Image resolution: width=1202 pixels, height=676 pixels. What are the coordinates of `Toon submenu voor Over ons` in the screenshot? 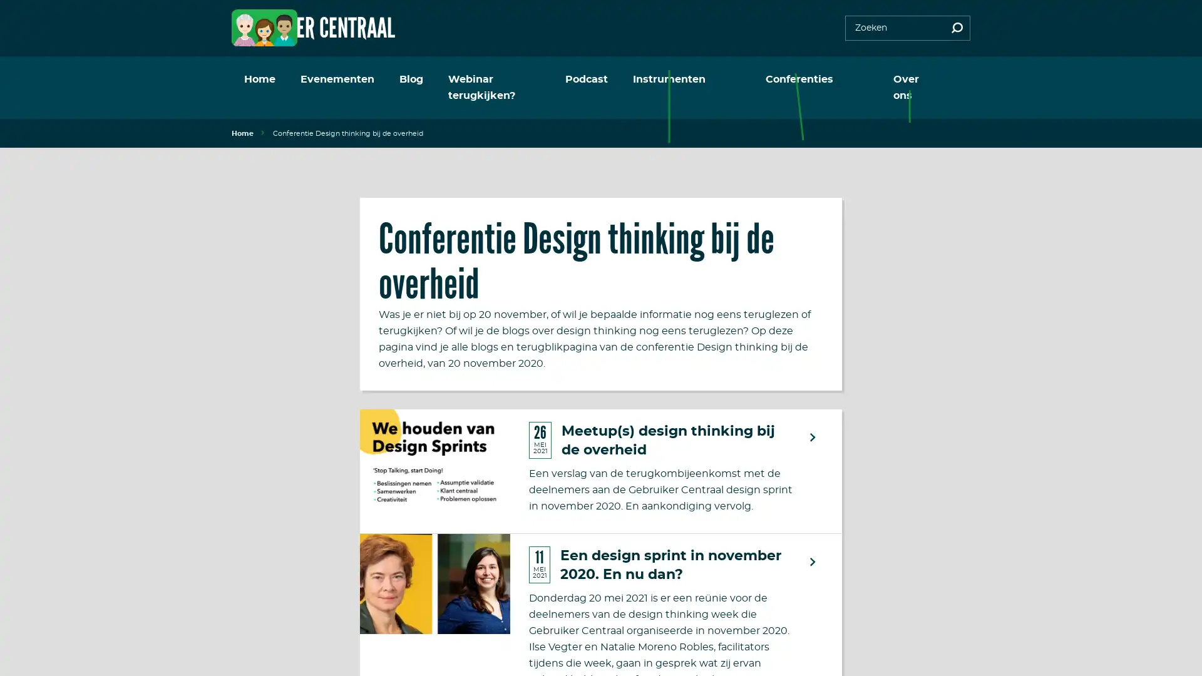 It's located at (946, 79).